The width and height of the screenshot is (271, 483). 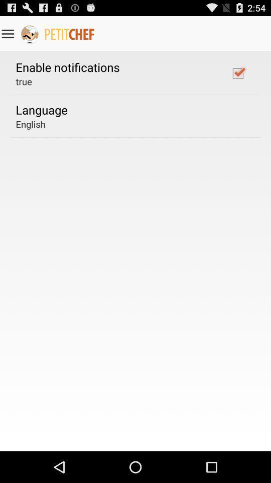 What do you see at coordinates (31, 123) in the screenshot?
I see `app below the language` at bounding box center [31, 123].